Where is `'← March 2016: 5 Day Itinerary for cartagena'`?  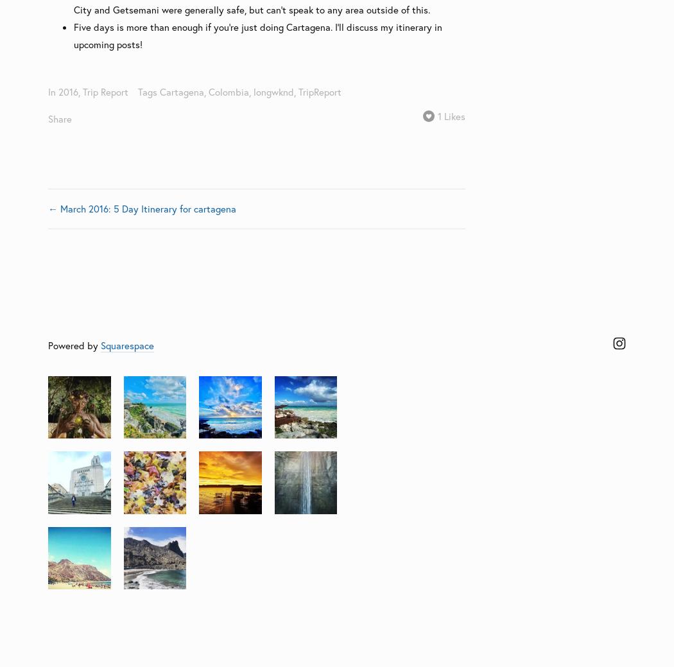
'← March 2016: 5 Day Itinerary for cartagena' is located at coordinates (141, 207).